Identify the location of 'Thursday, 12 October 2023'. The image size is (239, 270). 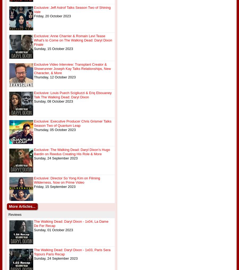
(55, 77).